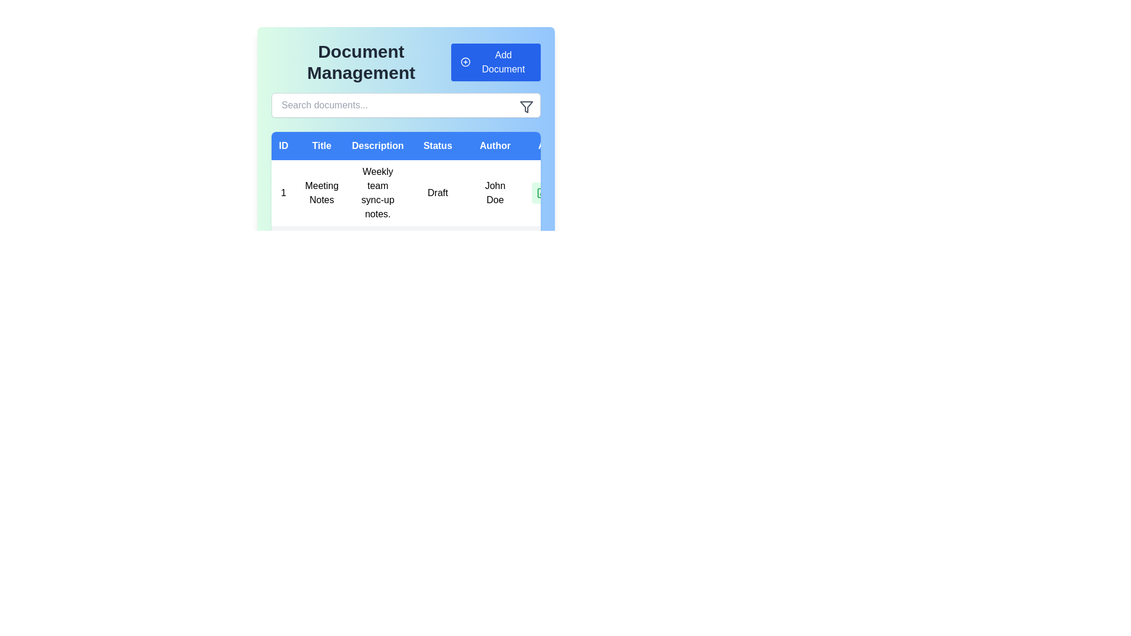 The width and height of the screenshot is (1131, 636). What do you see at coordinates (554, 192) in the screenshot?
I see `the edit button located on the right side of the table in the 'Document Management' interface, which allows users to modify or update the 'Meeting Notes' document details` at bounding box center [554, 192].